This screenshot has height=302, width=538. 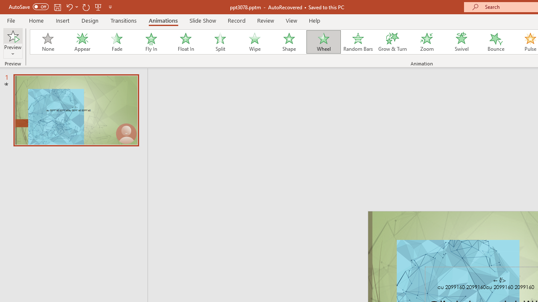 I want to click on 'Random Bars', so click(x=358, y=42).